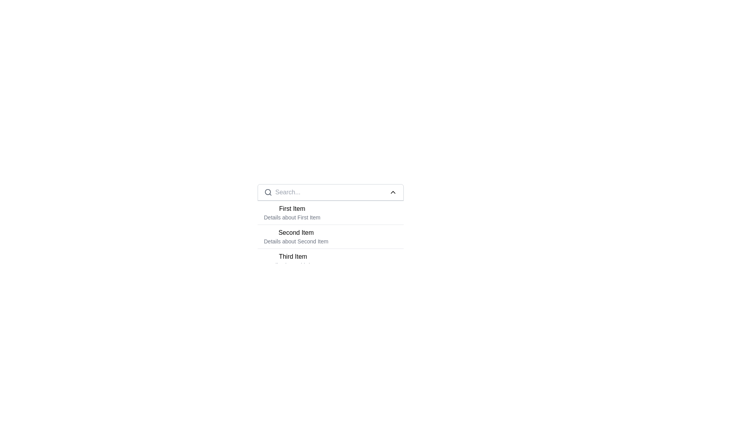 Image resolution: width=754 pixels, height=424 pixels. What do you see at coordinates (393, 192) in the screenshot?
I see `the SVG Icon button located at the right side of the search bar, which is used` at bounding box center [393, 192].